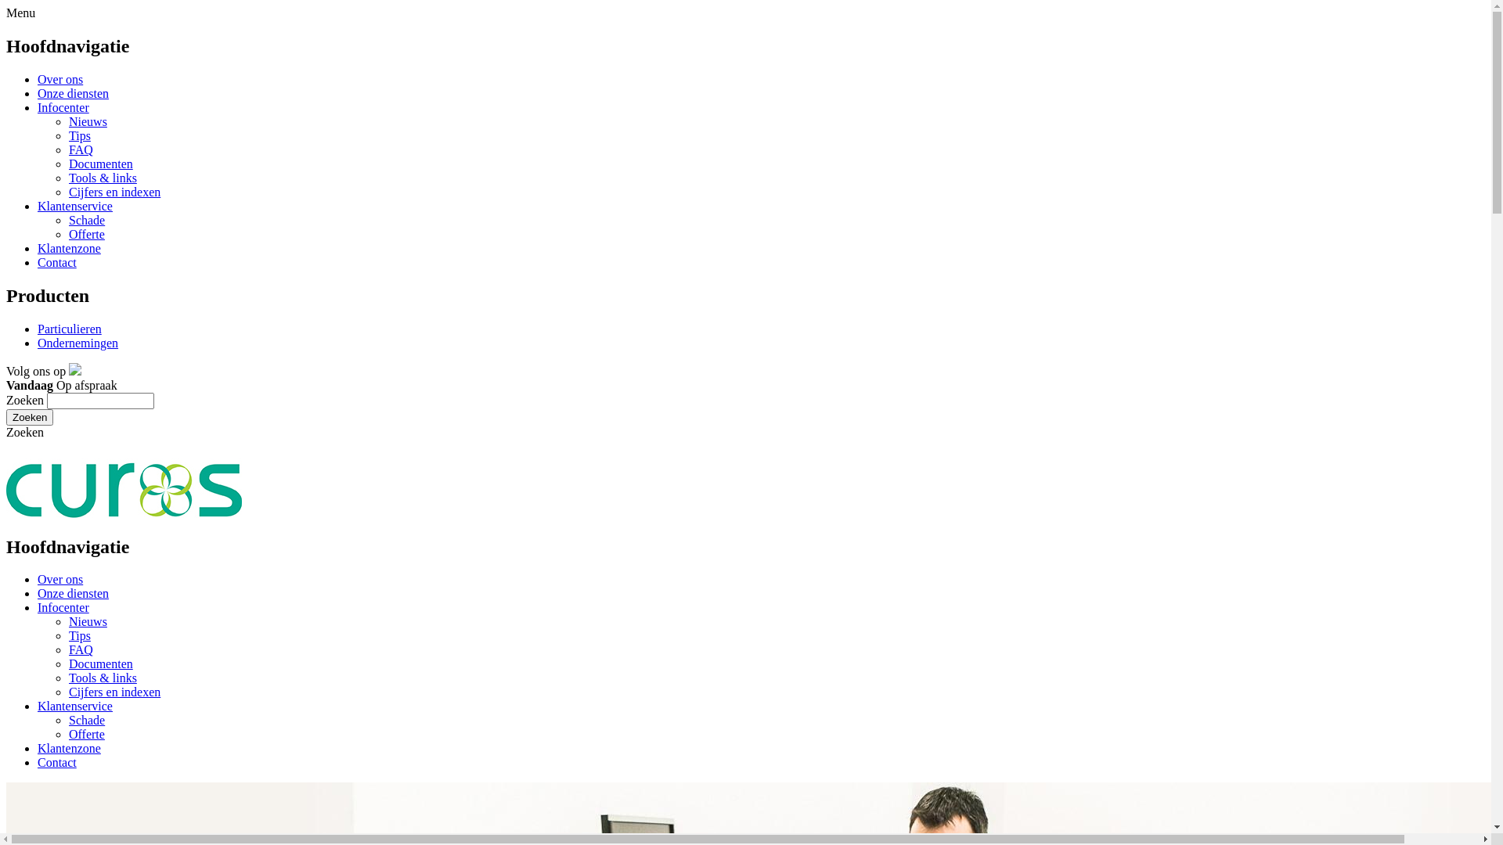 The height and width of the screenshot is (845, 1503). I want to click on 'Geef de woorden op waarnaar u wilt zoeken.', so click(46, 400).